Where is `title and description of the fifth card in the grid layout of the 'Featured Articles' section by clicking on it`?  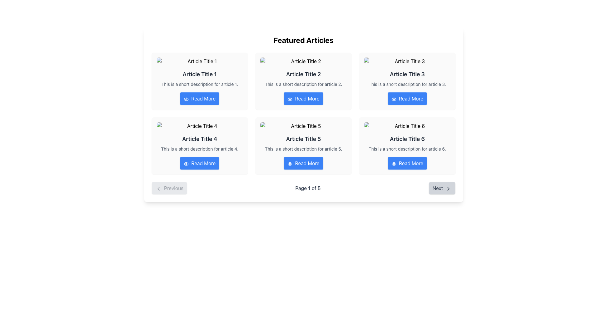 title and description of the fifth card in the grid layout of the 'Featured Articles' section by clicking on it is located at coordinates (303, 146).